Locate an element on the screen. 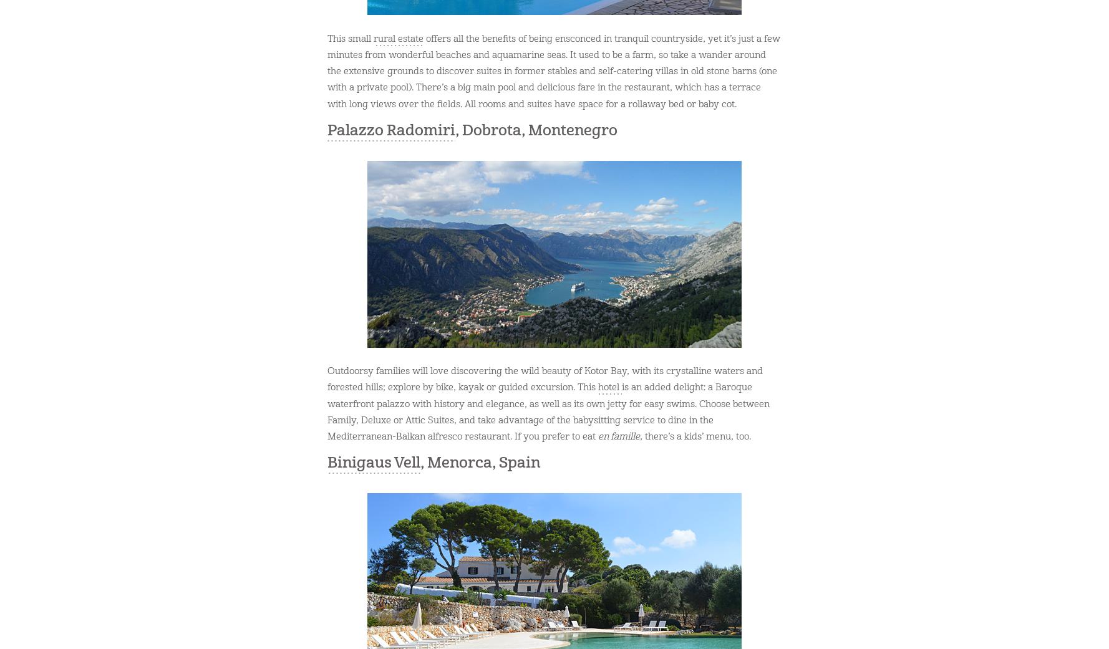  ', Menorca, Spain' is located at coordinates (420, 463).